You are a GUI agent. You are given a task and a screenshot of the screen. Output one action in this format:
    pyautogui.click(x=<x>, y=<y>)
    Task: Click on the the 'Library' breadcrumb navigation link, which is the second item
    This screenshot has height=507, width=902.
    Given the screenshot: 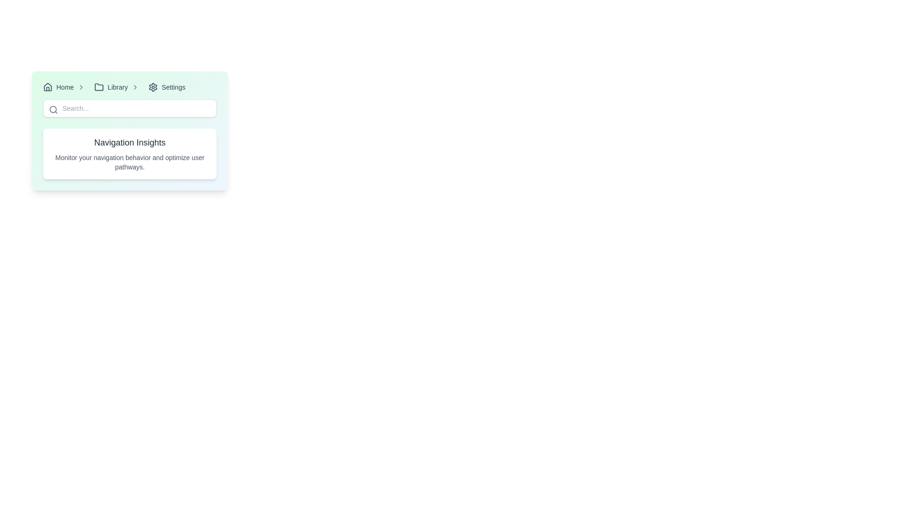 What is the action you would take?
    pyautogui.click(x=118, y=87)
    